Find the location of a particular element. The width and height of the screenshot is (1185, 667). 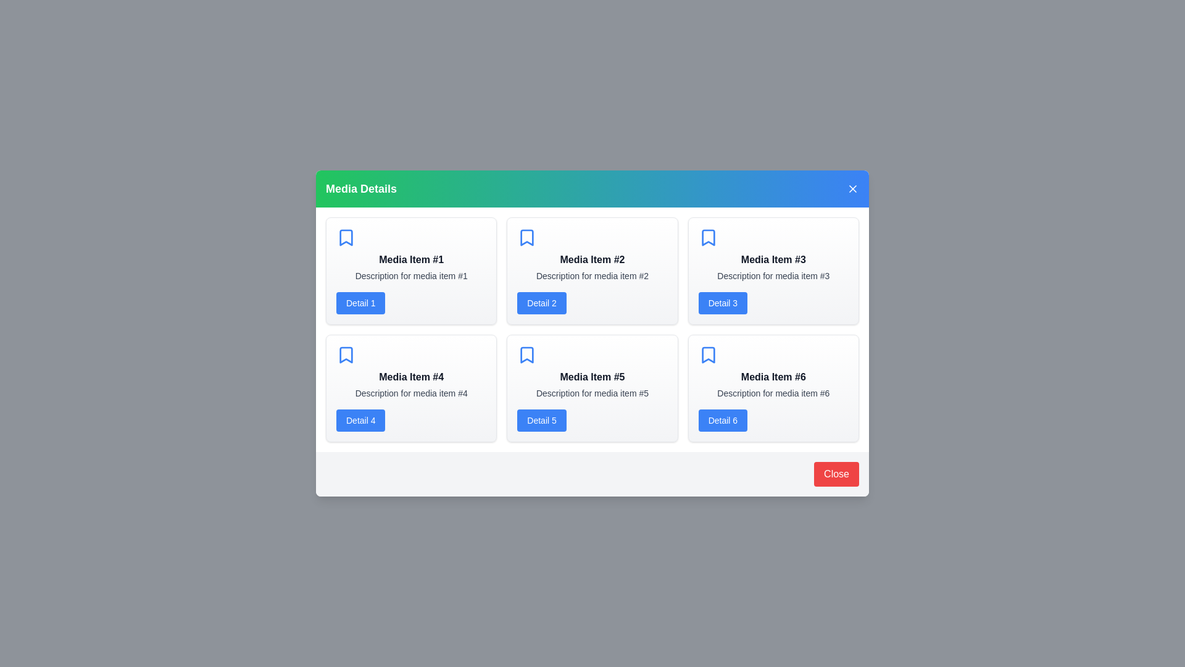

the 'Detail 2' button for a specific media item is located at coordinates (542, 303).